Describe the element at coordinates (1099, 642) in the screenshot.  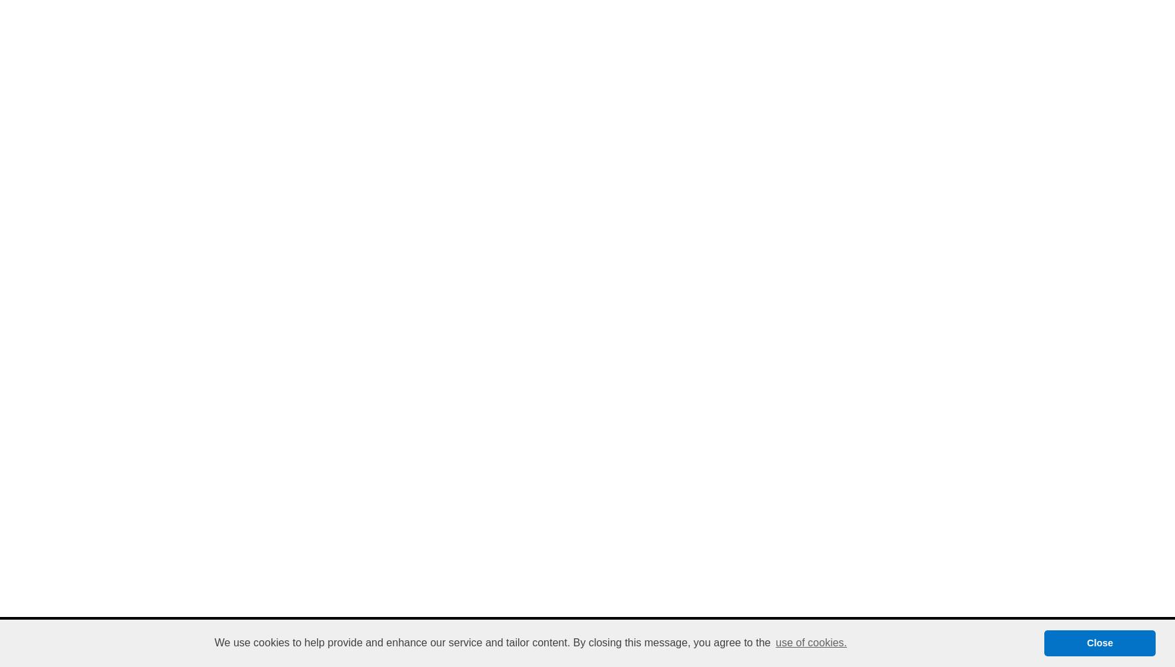
I see `'Close'` at that location.